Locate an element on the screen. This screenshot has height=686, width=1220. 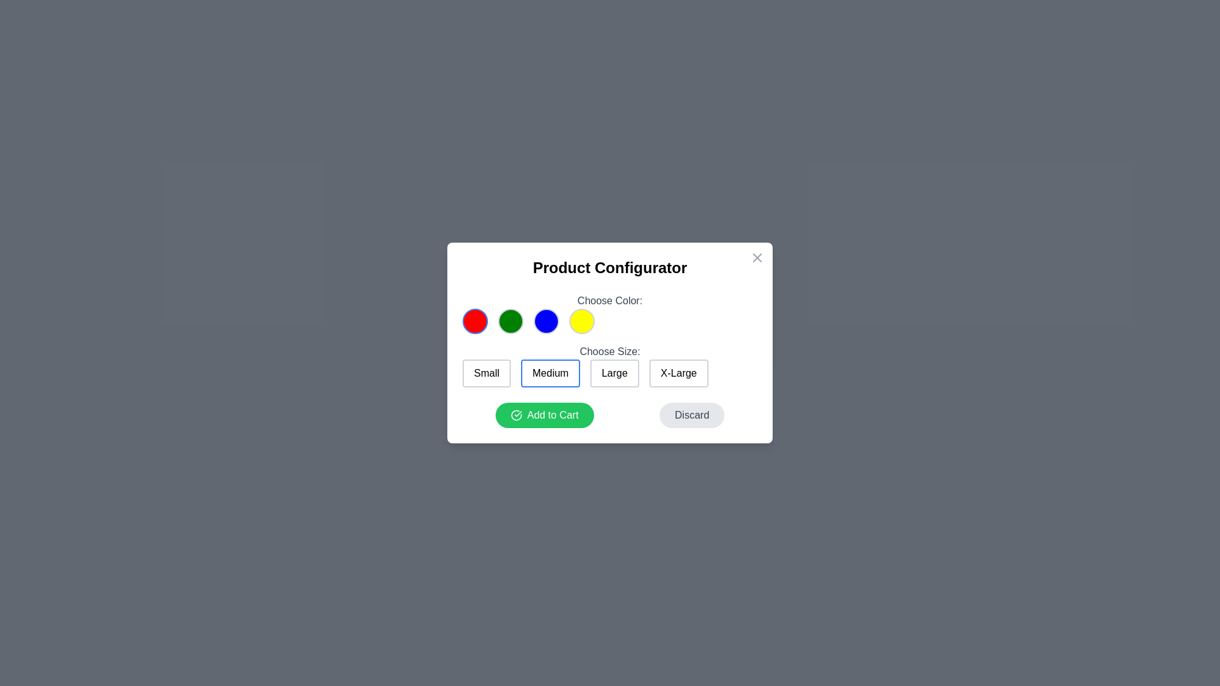
the first button in the horizontal row of colored buttons within the 'Product Configurator' modal is located at coordinates (475, 320).